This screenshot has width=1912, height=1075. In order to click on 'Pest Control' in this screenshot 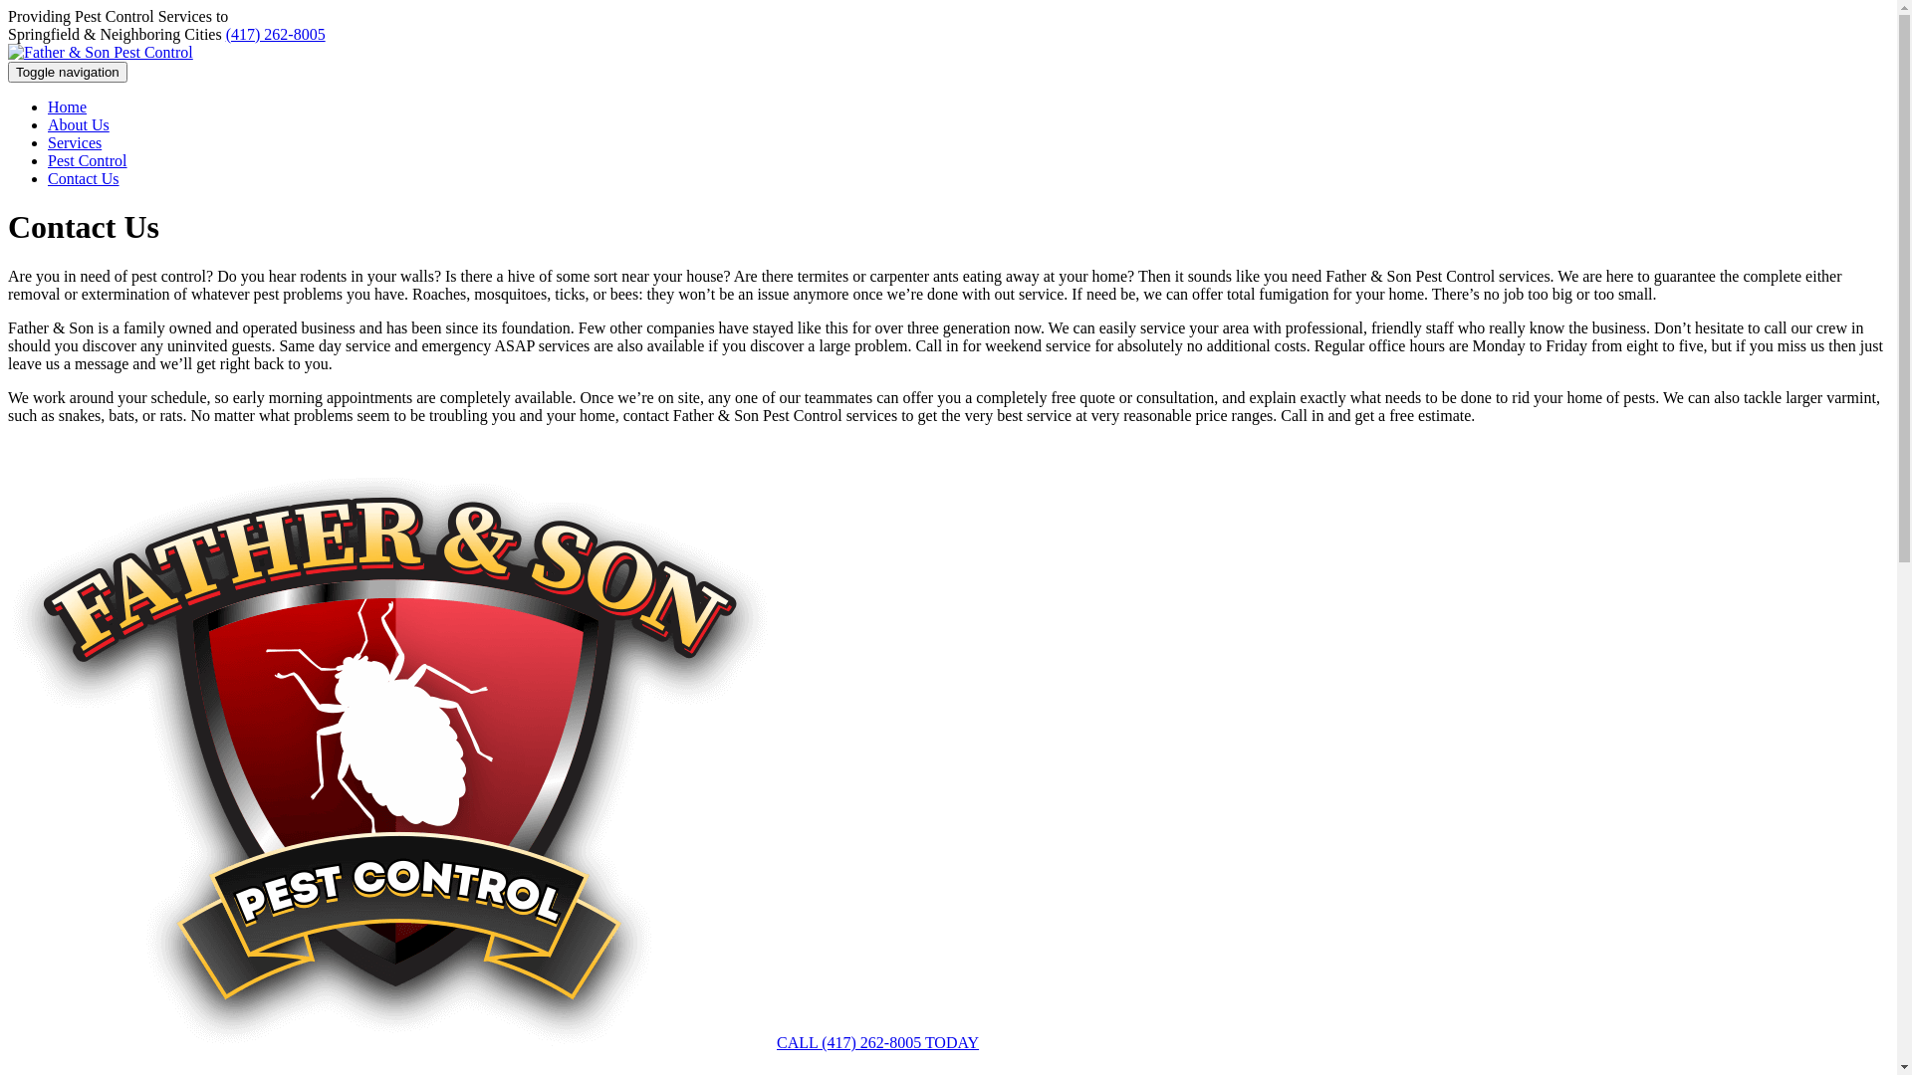, I will do `click(86, 159)`.